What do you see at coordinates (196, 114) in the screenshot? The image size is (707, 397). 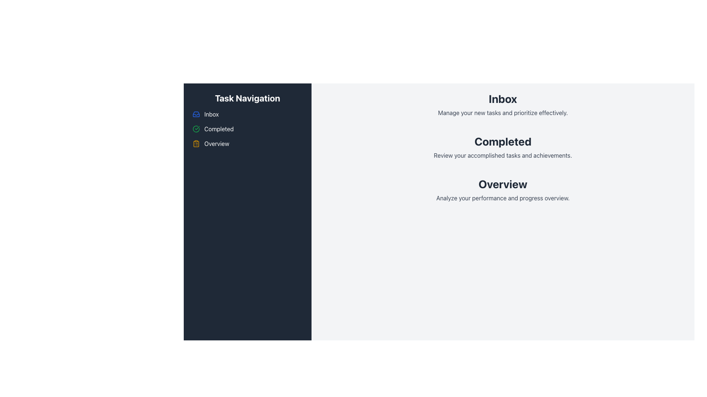 I see `the 'Inbox' icon located in the Task Navigation section, positioned immediately left of the text label 'Inbox'` at bounding box center [196, 114].